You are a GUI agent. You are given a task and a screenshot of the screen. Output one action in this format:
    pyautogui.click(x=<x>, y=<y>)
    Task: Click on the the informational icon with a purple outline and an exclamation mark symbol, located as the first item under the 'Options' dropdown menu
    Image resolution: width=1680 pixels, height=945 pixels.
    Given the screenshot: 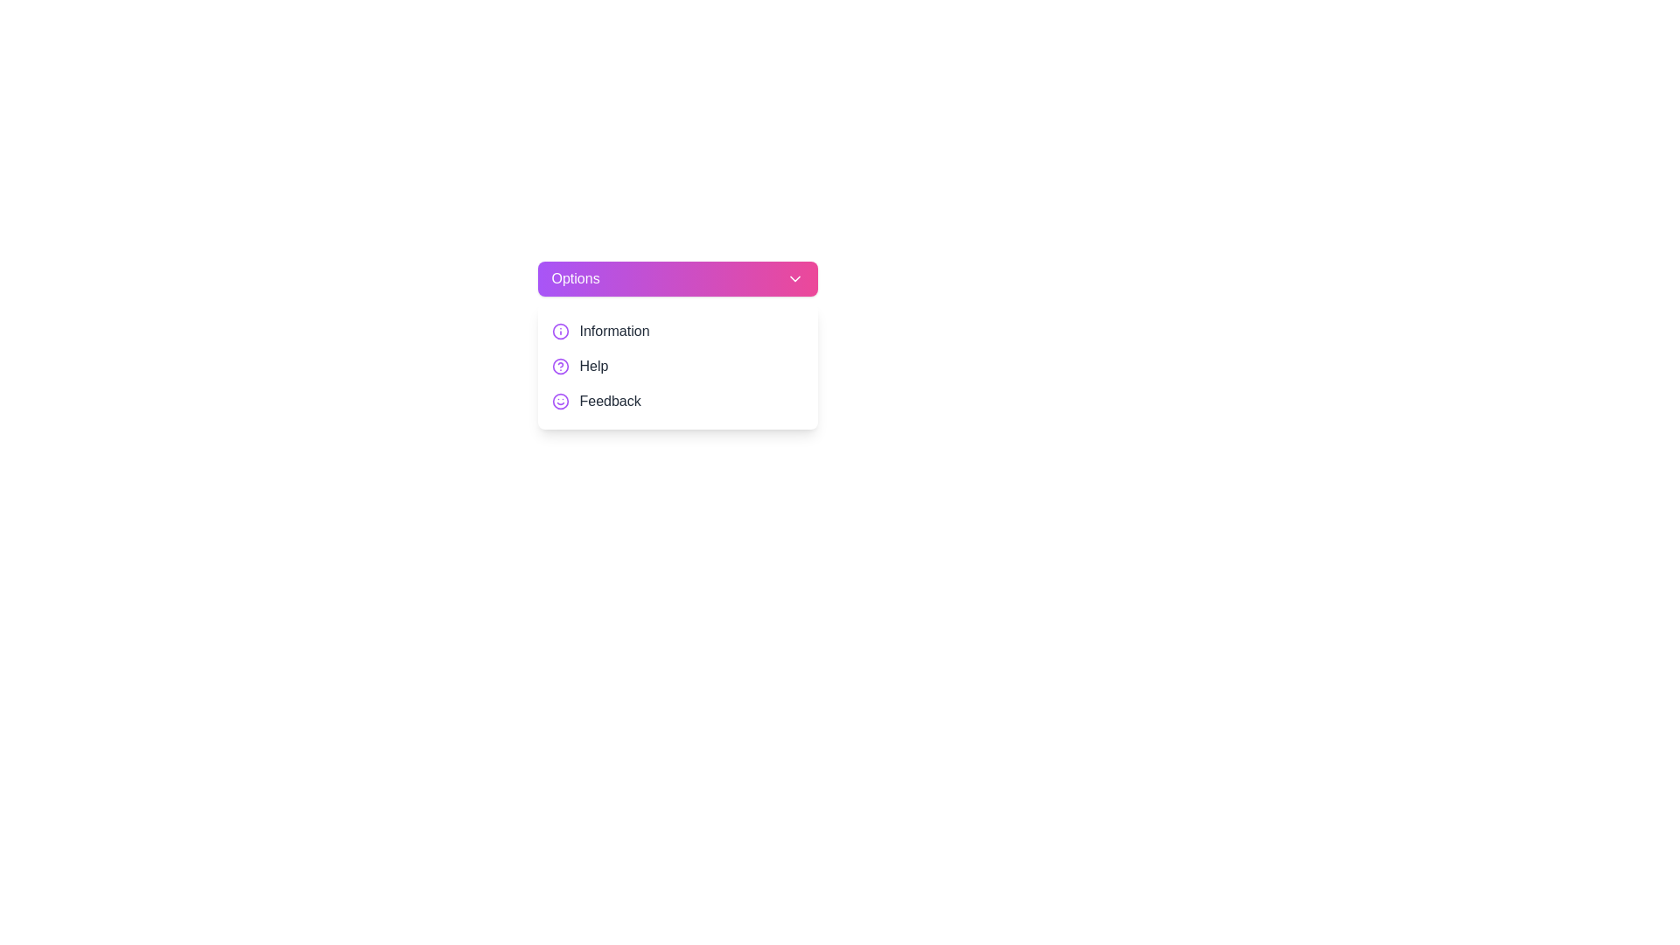 What is the action you would take?
    pyautogui.click(x=560, y=331)
    